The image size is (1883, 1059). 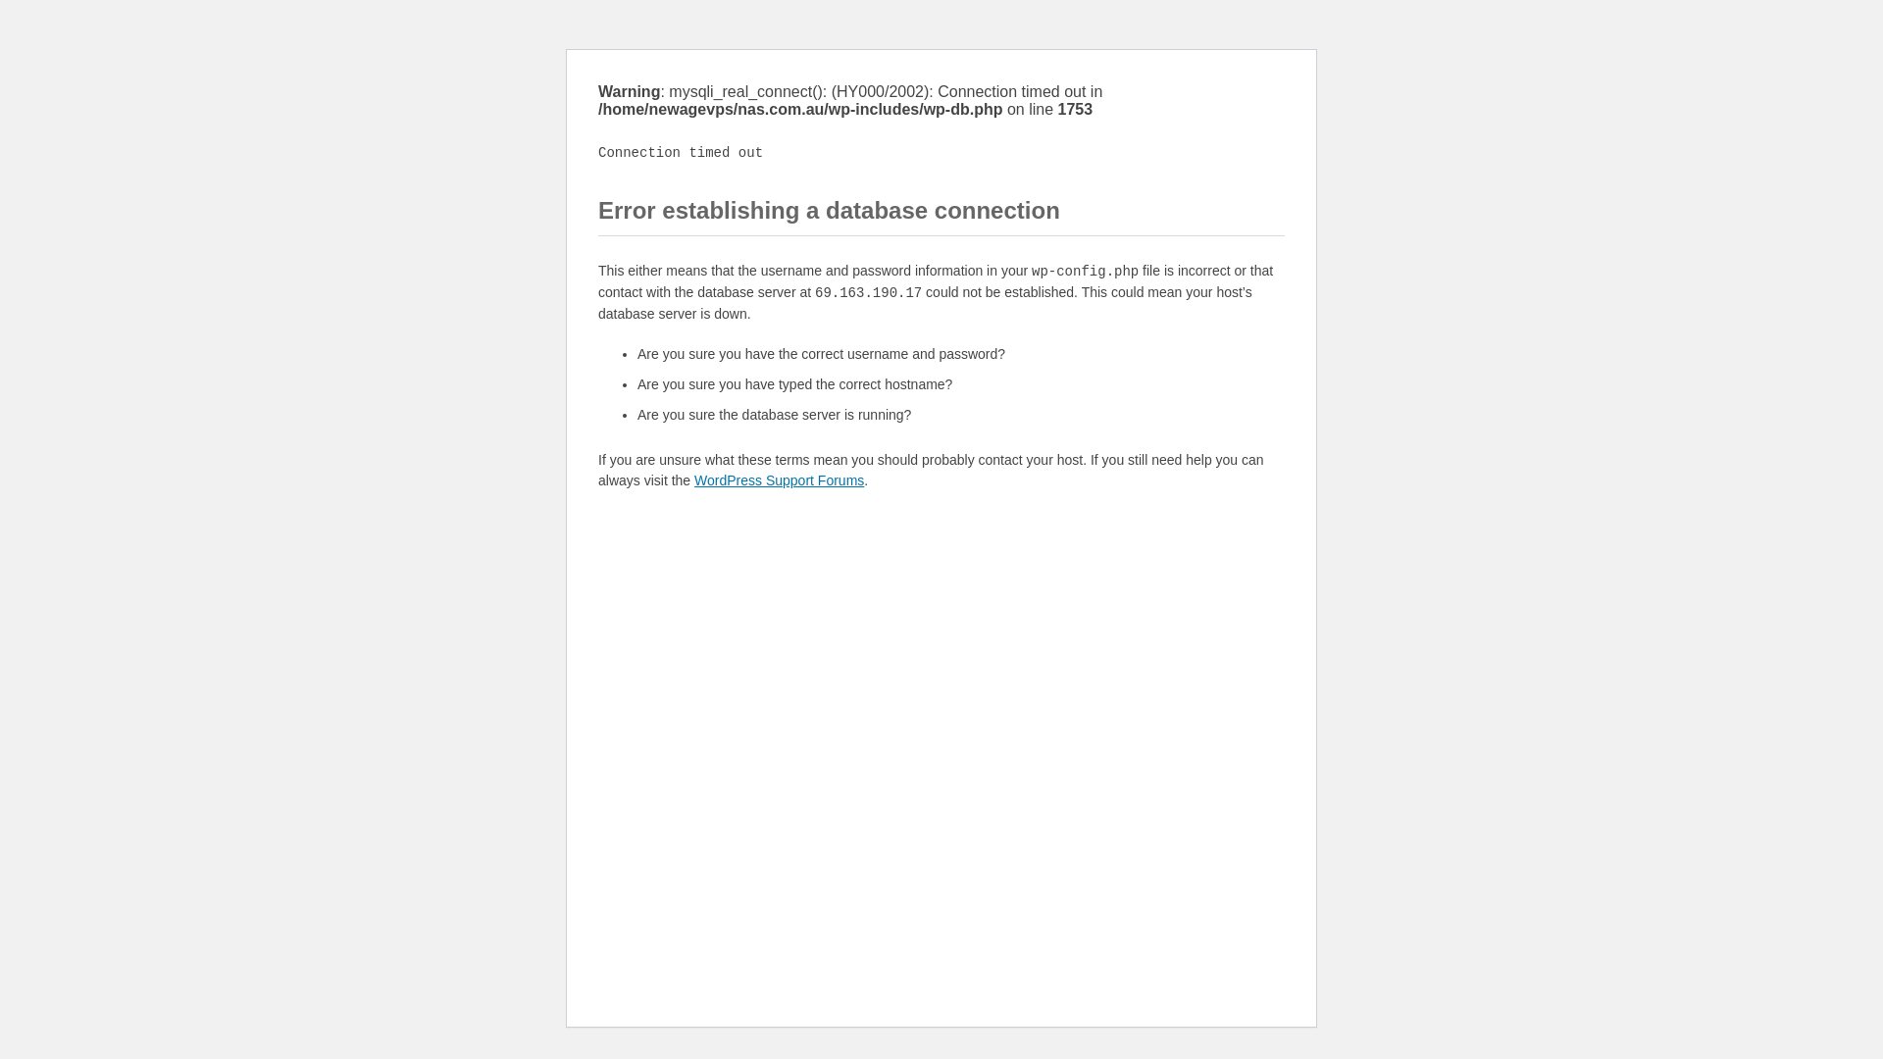 What do you see at coordinates (778, 479) in the screenshot?
I see `'WordPress Support Forums'` at bounding box center [778, 479].